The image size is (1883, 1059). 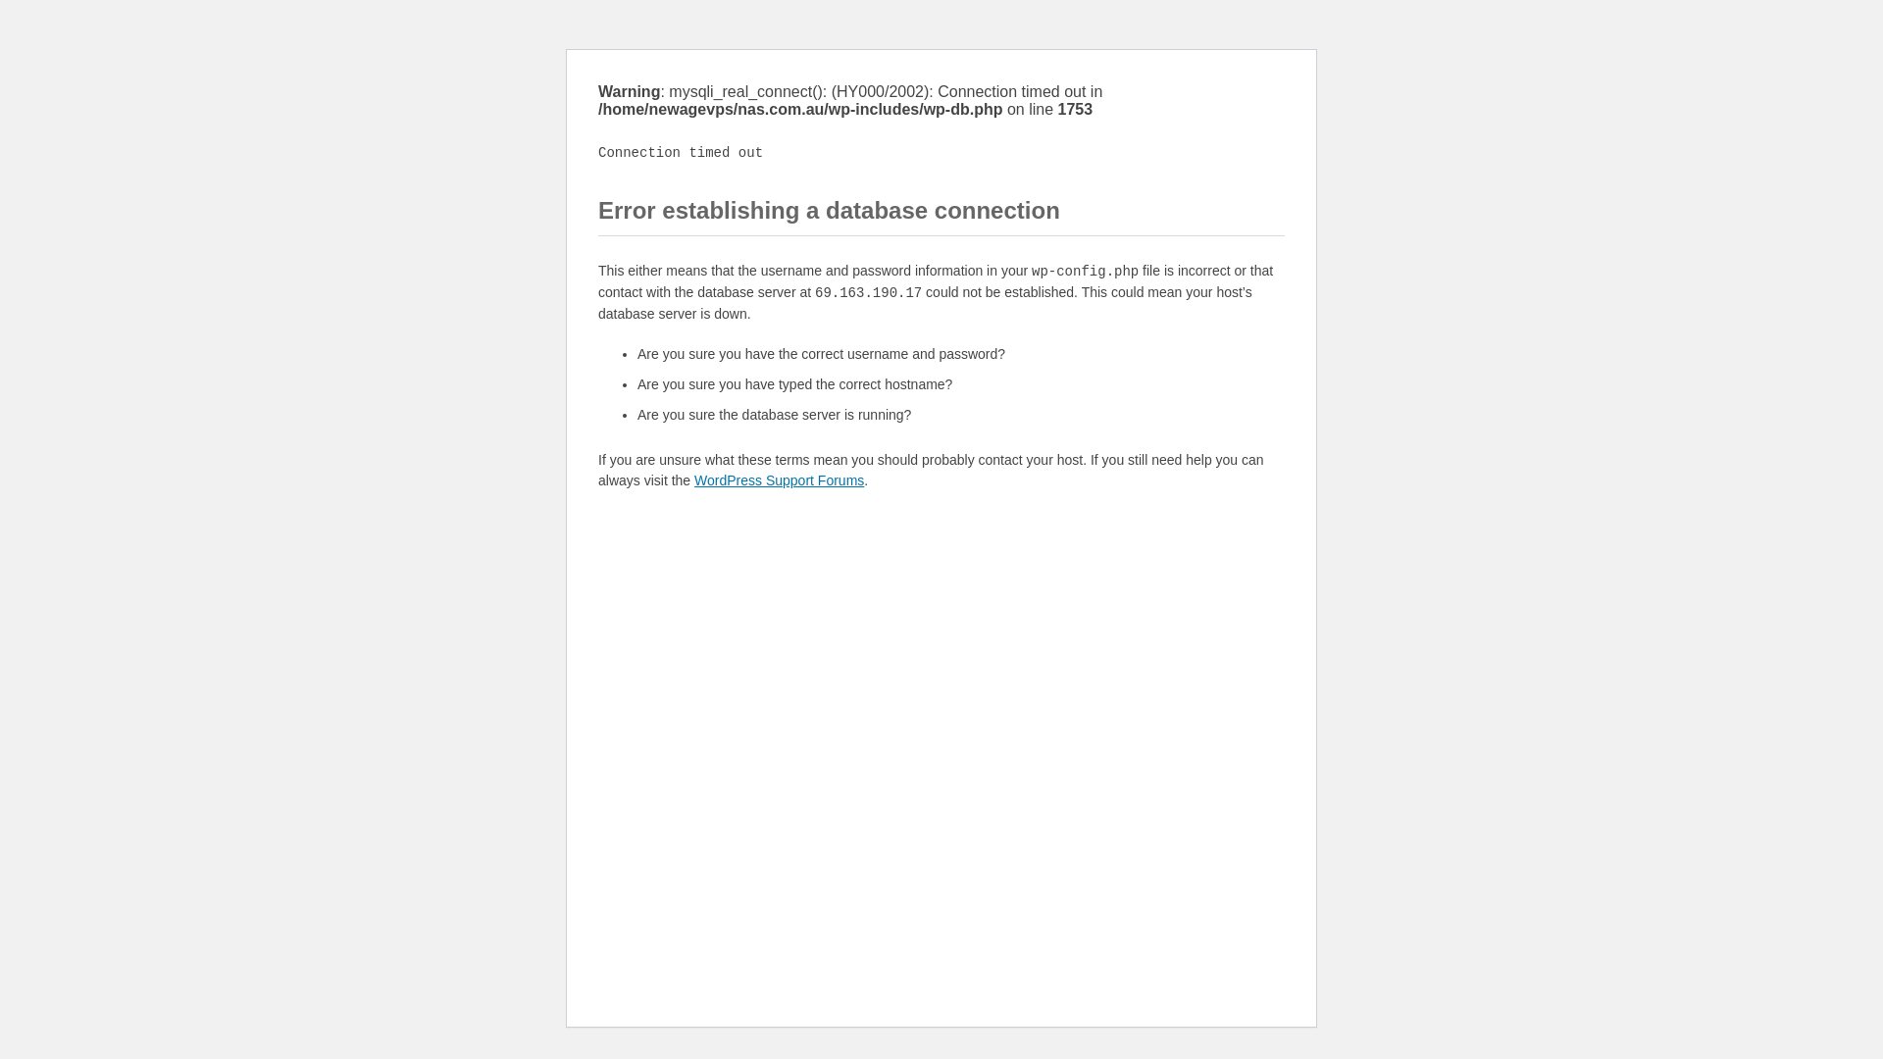 What do you see at coordinates (778, 479) in the screenshot?
I see `'WordPress Support Forums'` at bounding box center [778, 479].